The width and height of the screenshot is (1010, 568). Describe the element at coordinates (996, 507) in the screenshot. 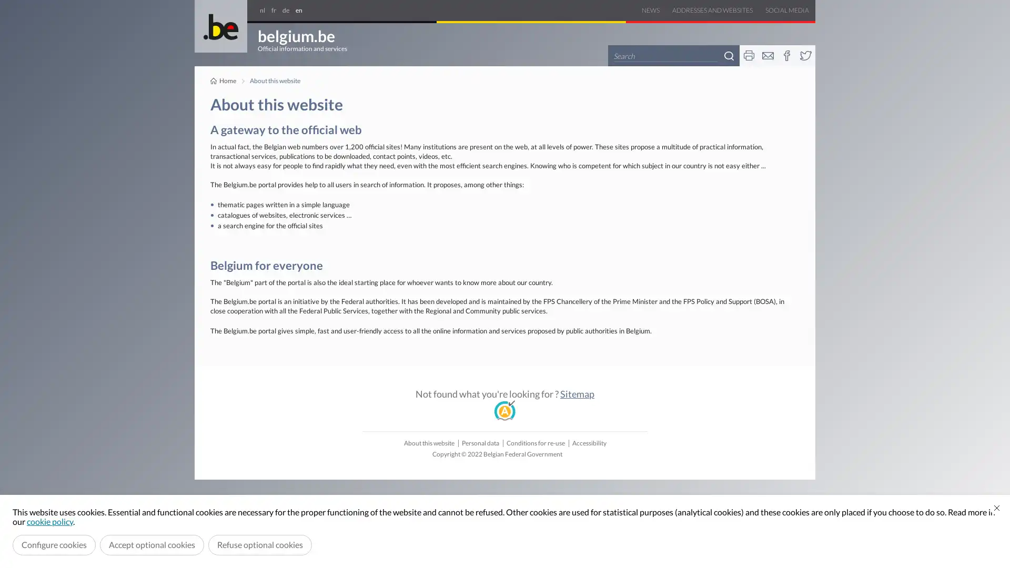

I see `Close` at that location.